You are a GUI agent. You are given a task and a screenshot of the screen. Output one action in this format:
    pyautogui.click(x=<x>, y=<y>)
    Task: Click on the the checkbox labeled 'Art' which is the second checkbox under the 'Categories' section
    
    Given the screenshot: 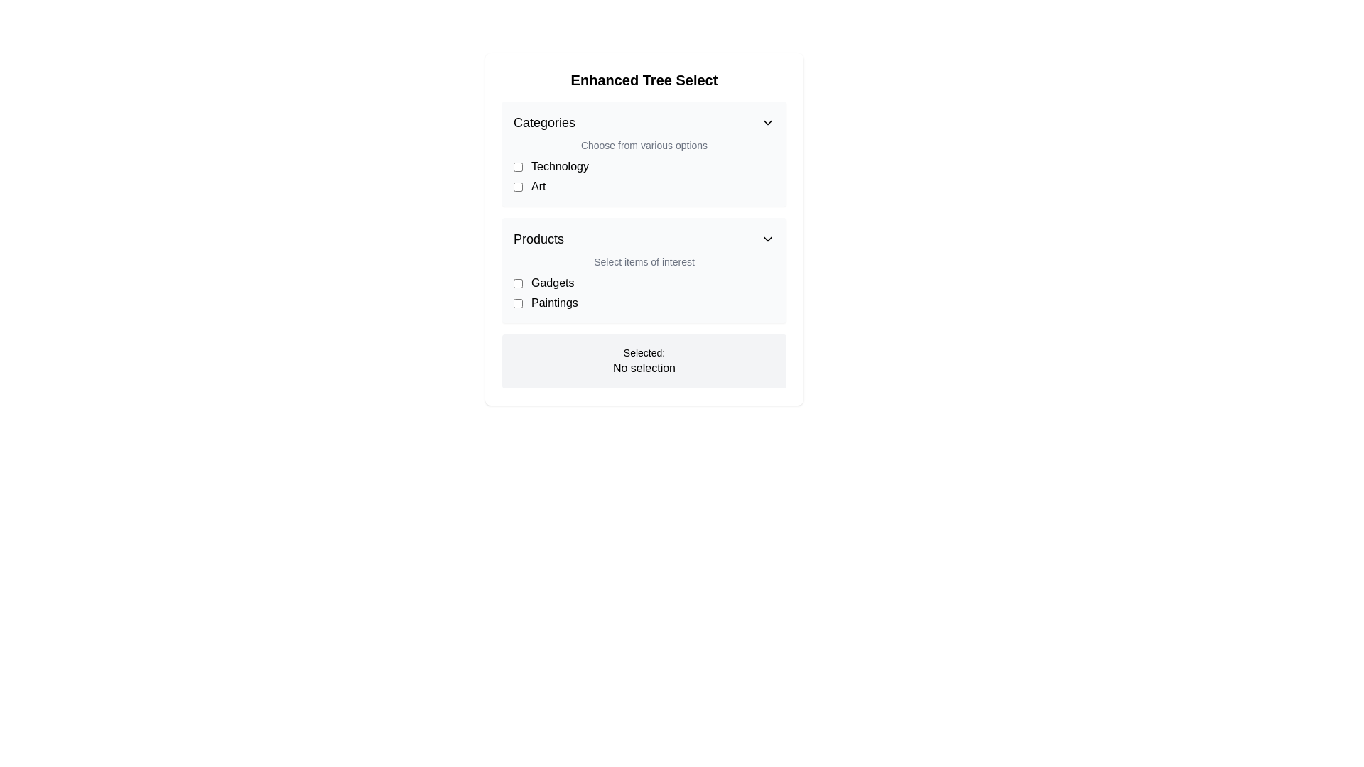 What is the action you would take?
    pyautogui.click(x=644, y=185)
    